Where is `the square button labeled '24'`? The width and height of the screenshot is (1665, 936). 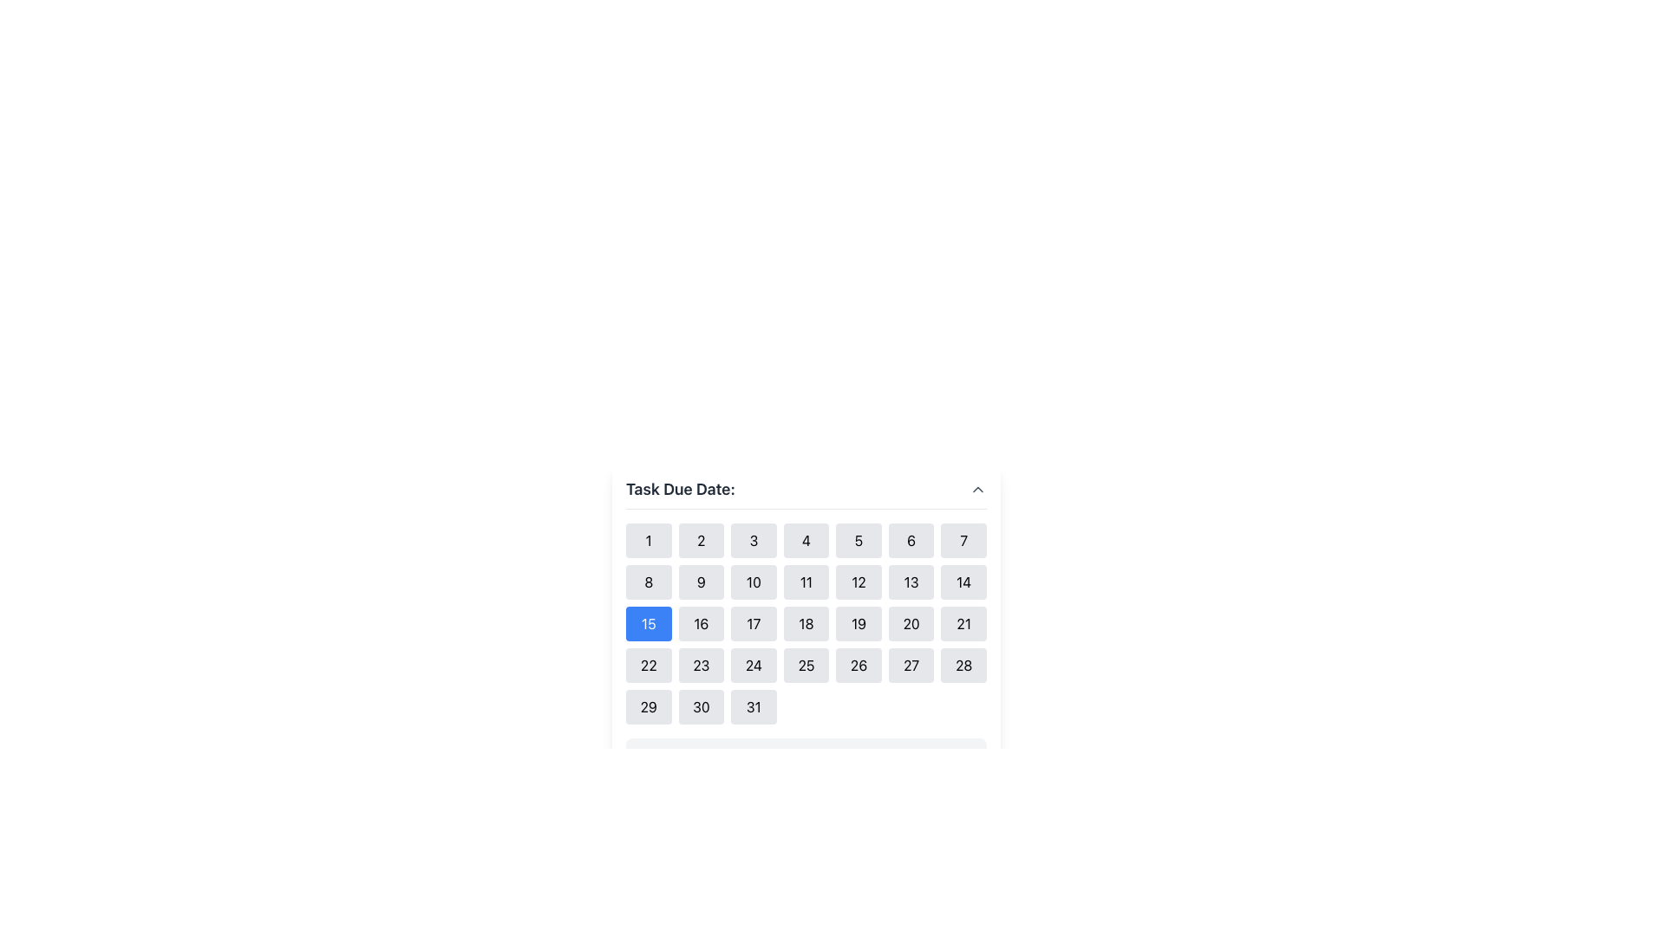 the square button labeled '24' is located at coordinates (754, 664).